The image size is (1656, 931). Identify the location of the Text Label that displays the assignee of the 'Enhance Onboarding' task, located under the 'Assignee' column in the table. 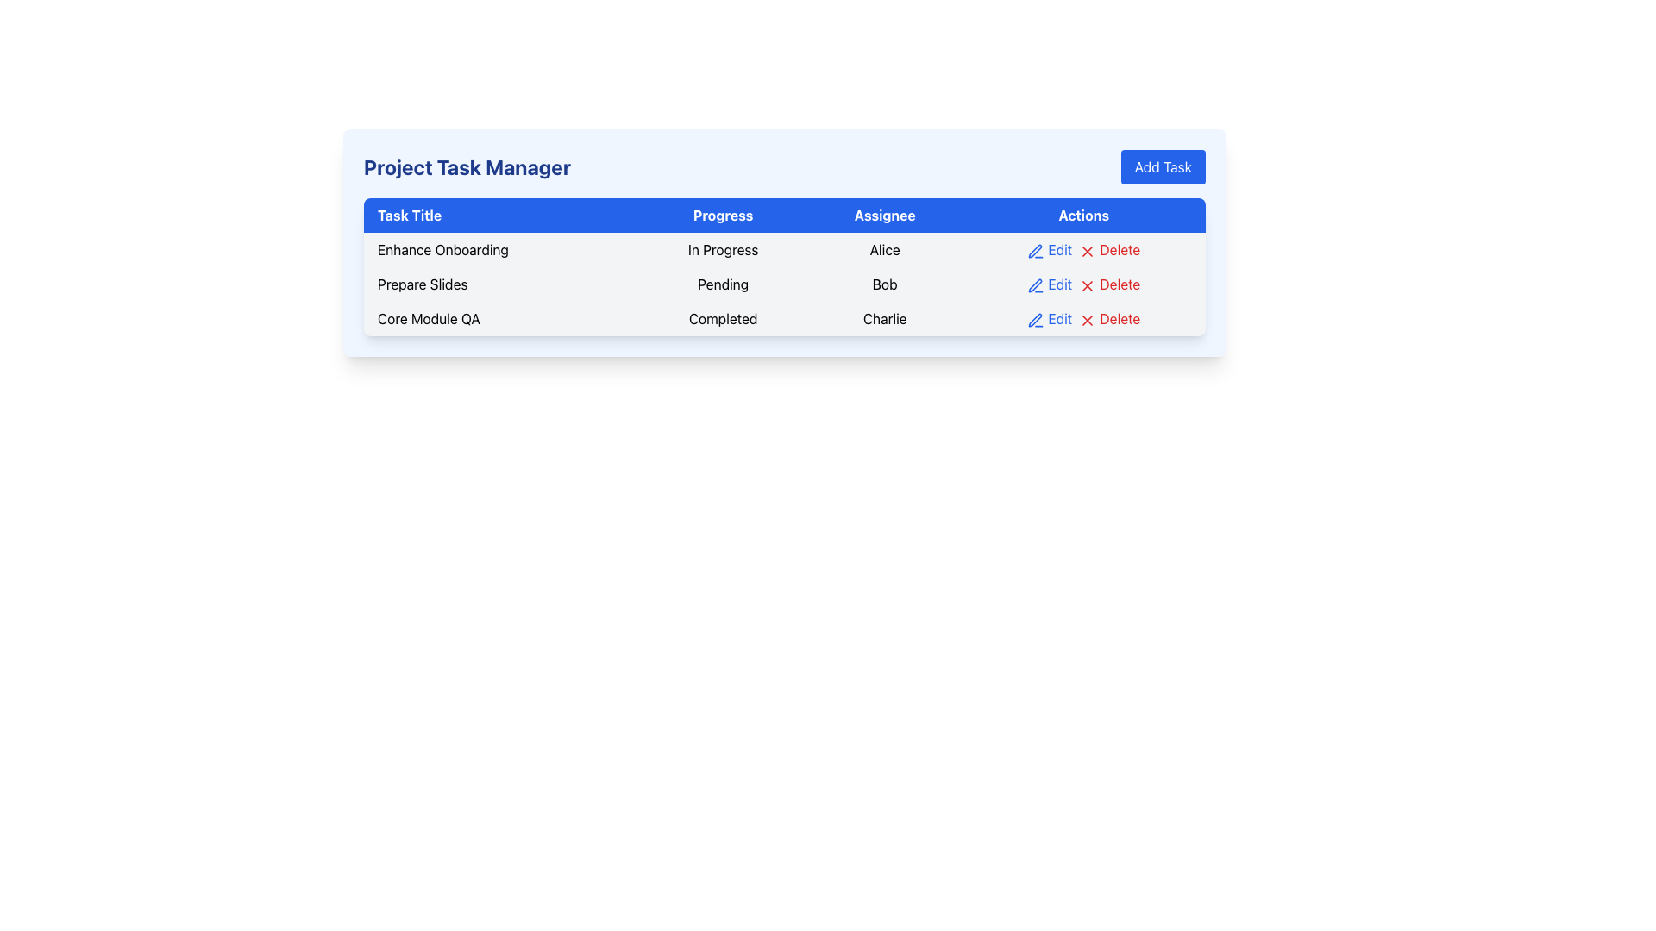
(885, 249).